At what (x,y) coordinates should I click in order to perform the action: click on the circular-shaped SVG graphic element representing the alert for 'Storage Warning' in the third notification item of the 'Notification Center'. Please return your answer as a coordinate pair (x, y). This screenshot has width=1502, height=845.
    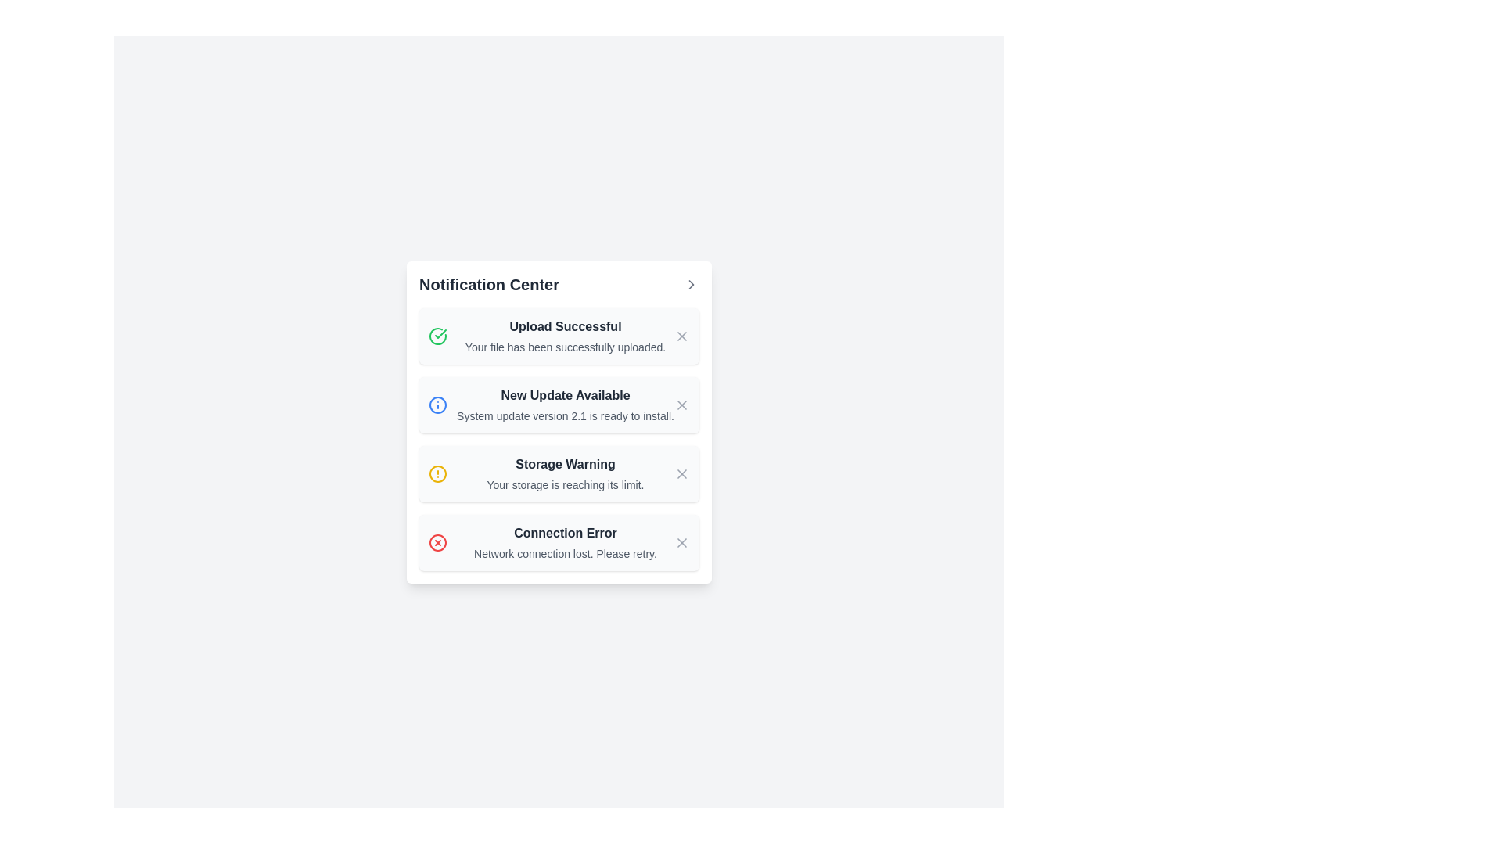
    Looking at the image, I should click on (438, 473).